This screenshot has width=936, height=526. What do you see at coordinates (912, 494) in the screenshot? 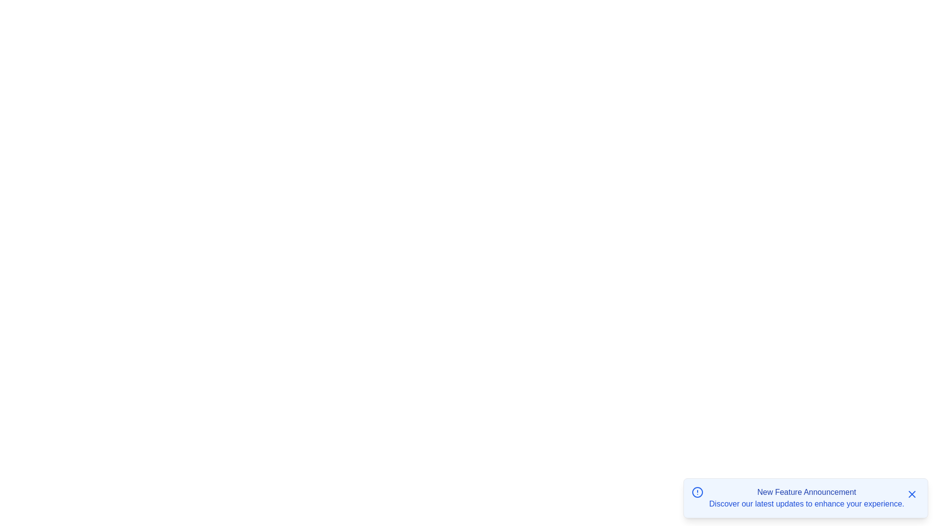
I see `the 'X' button to close the notification` at bounding box center [912, 494].